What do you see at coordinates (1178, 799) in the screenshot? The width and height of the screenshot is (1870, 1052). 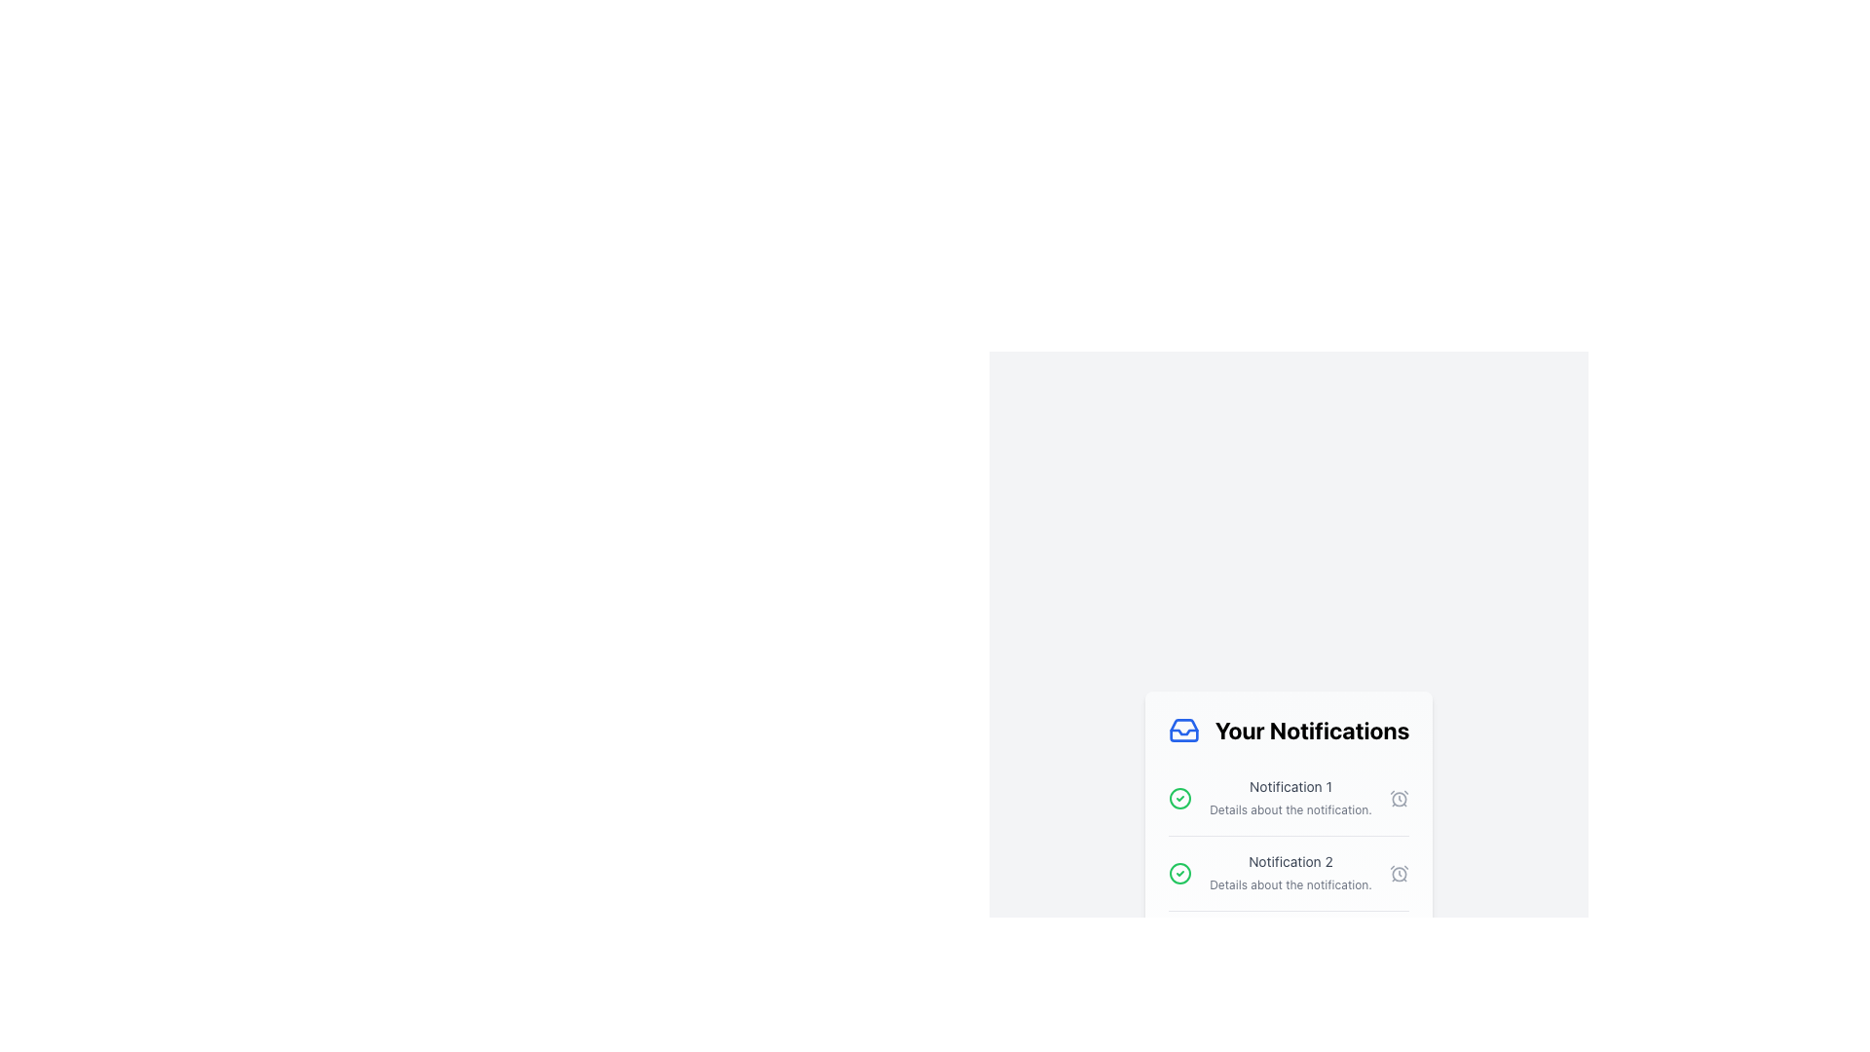 I see `the completion status icon for 'Notification 1', which is positioned to the left of the notification text` at bounding box center [1178, 799].